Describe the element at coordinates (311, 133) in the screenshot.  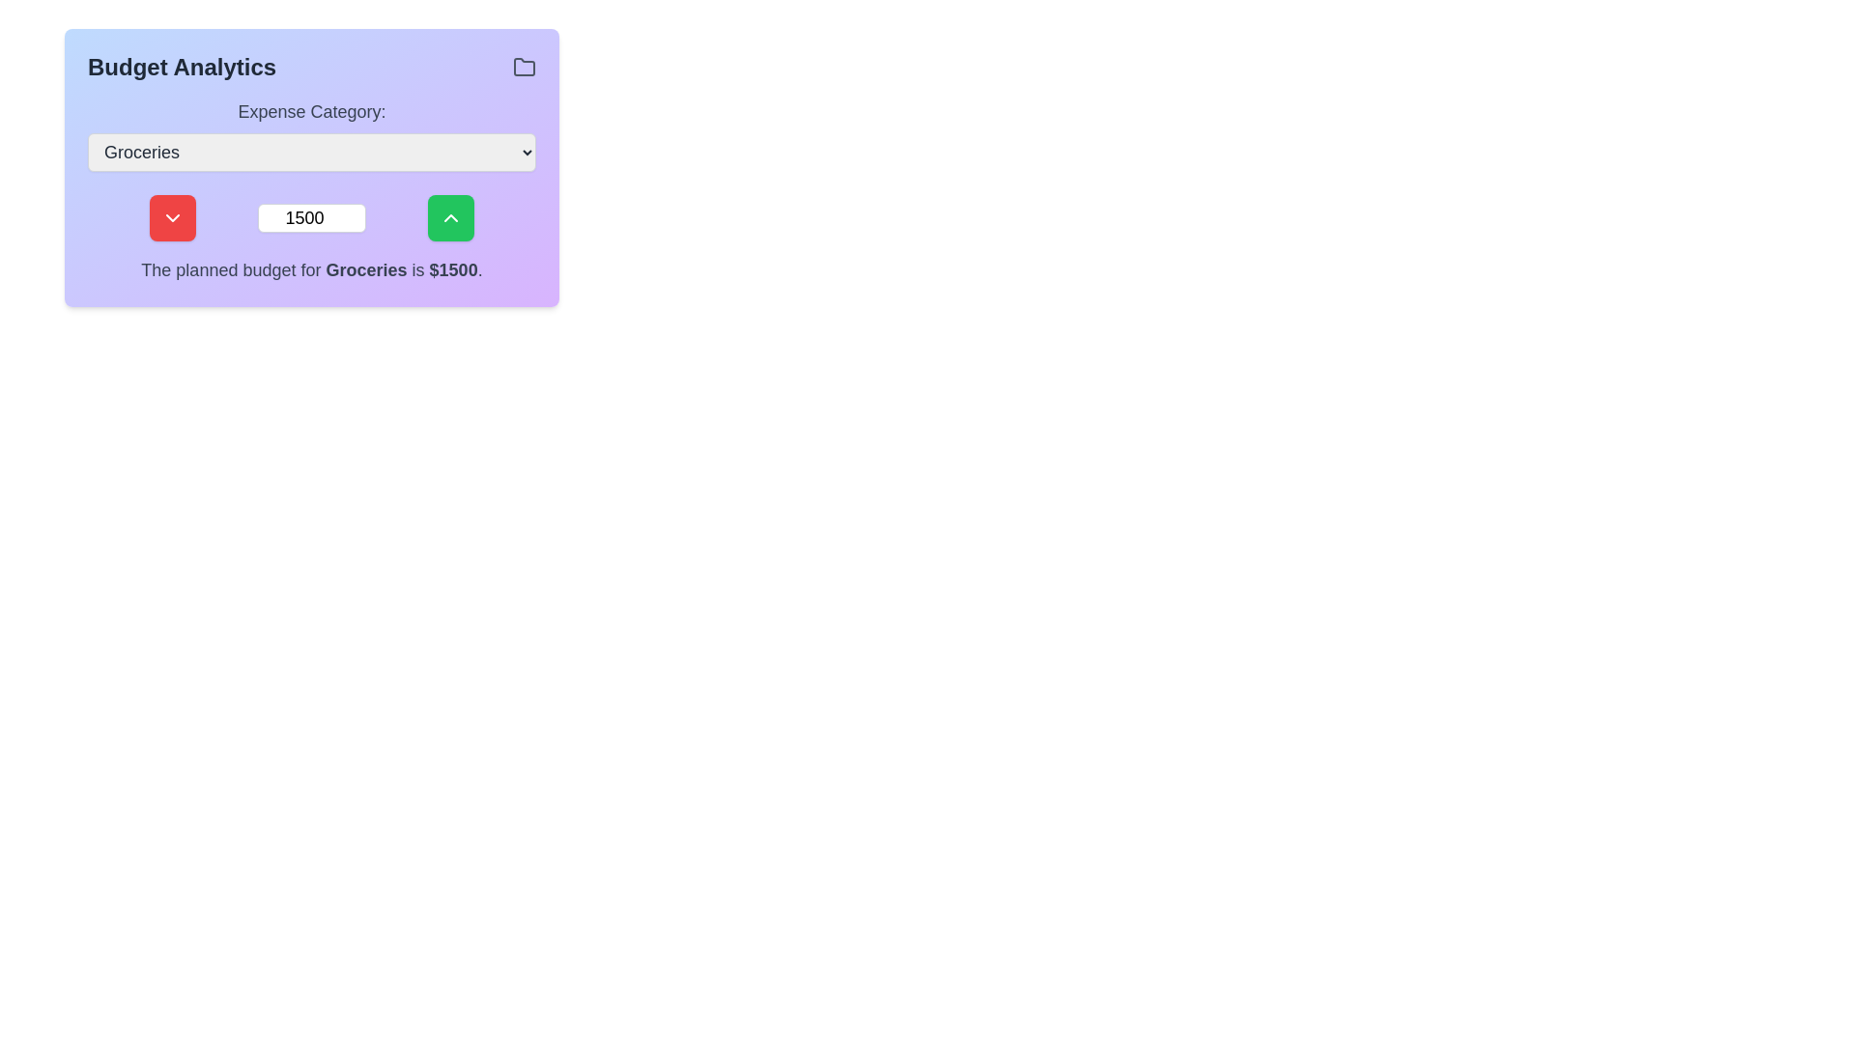
I see `the dropdown menu labeled 'Expense Category:'` at that location.